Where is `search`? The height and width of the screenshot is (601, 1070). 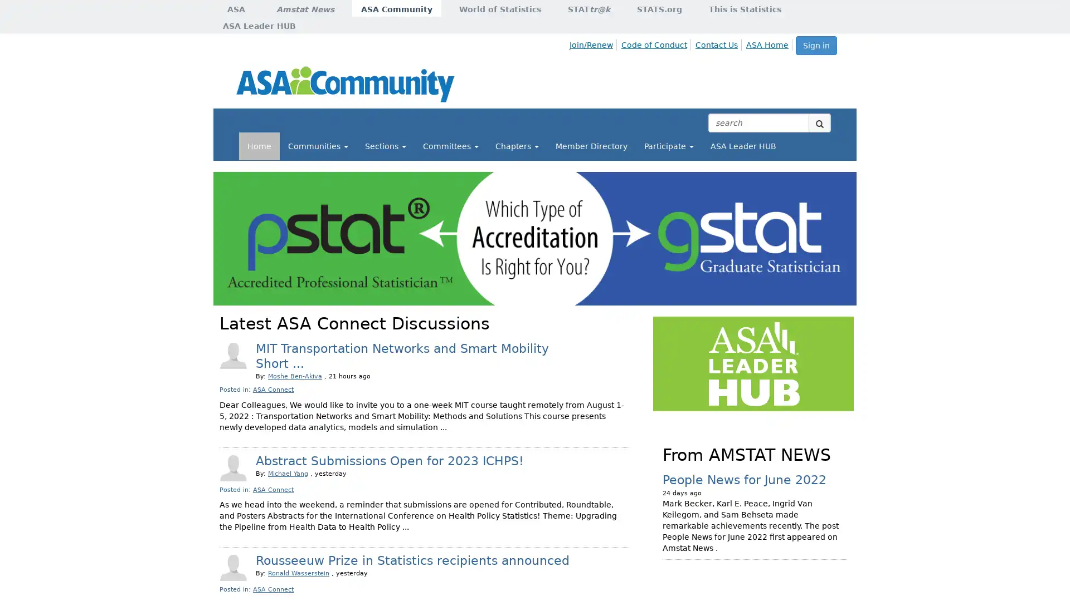
search is located at coordinates (819, 122).